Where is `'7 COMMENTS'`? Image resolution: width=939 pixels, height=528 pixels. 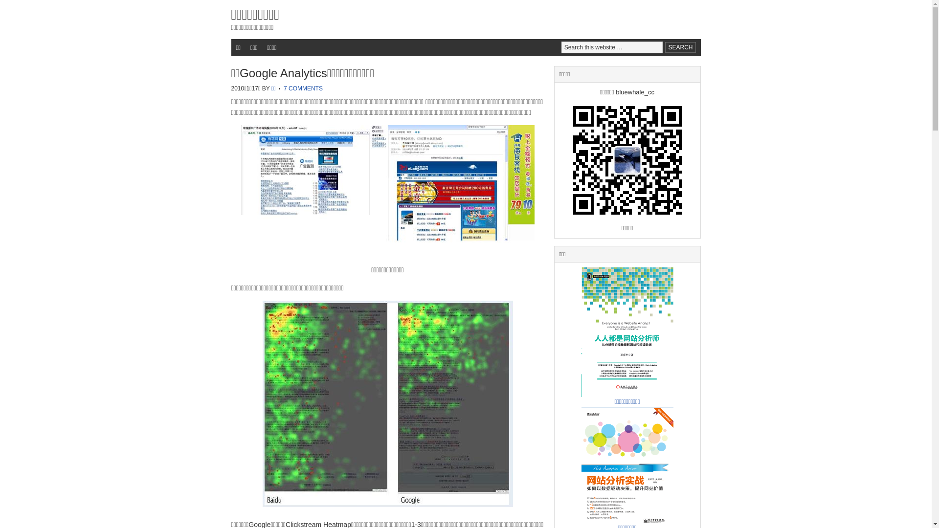 '7 COMMENTS' is located at coordinates (283, 88).